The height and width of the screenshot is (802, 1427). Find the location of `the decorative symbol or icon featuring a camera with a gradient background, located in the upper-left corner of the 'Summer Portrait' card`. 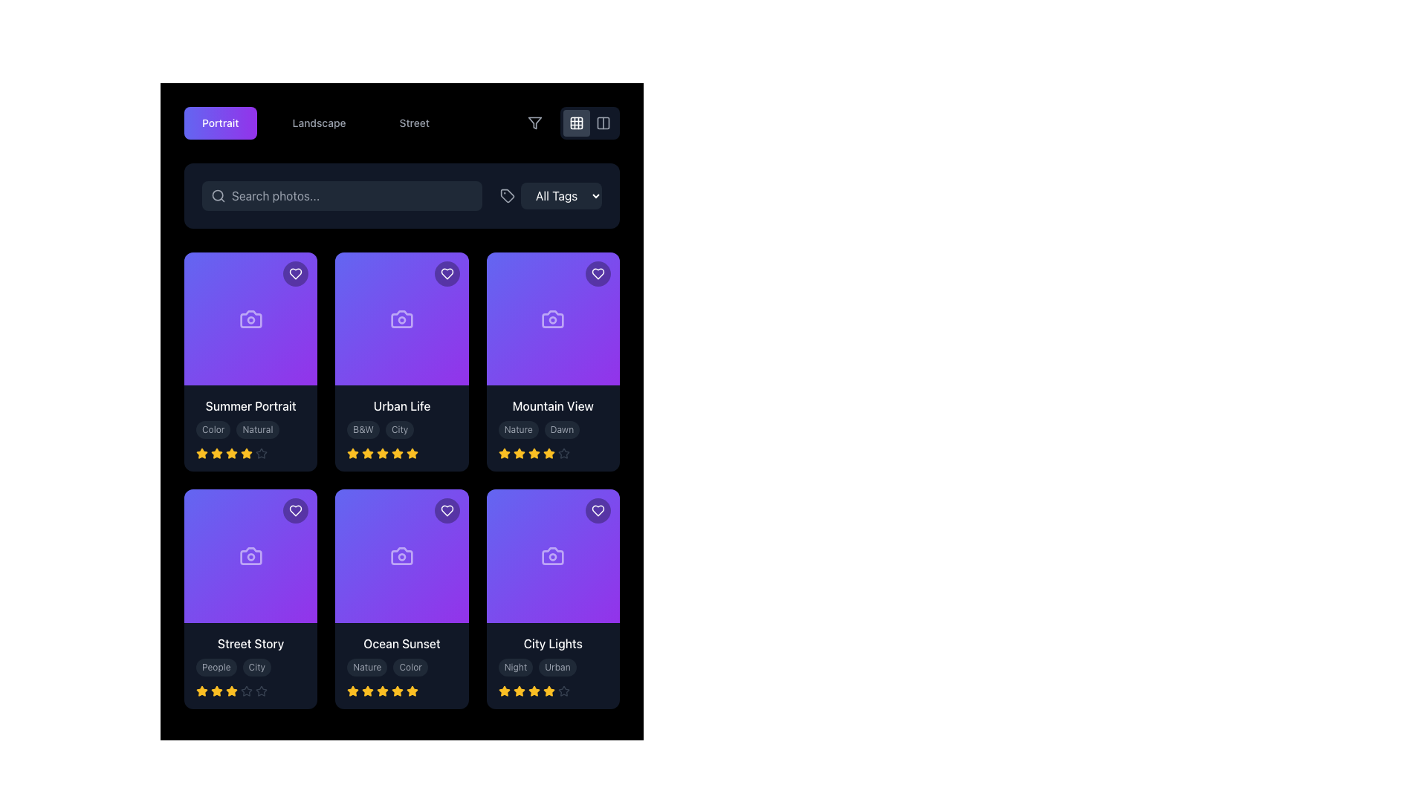

the decorative symbol or icon featuring a camera with a gradient background, located in the upper-left corner of the 'Summer Portrait' card is located at coordinates (250, 318).